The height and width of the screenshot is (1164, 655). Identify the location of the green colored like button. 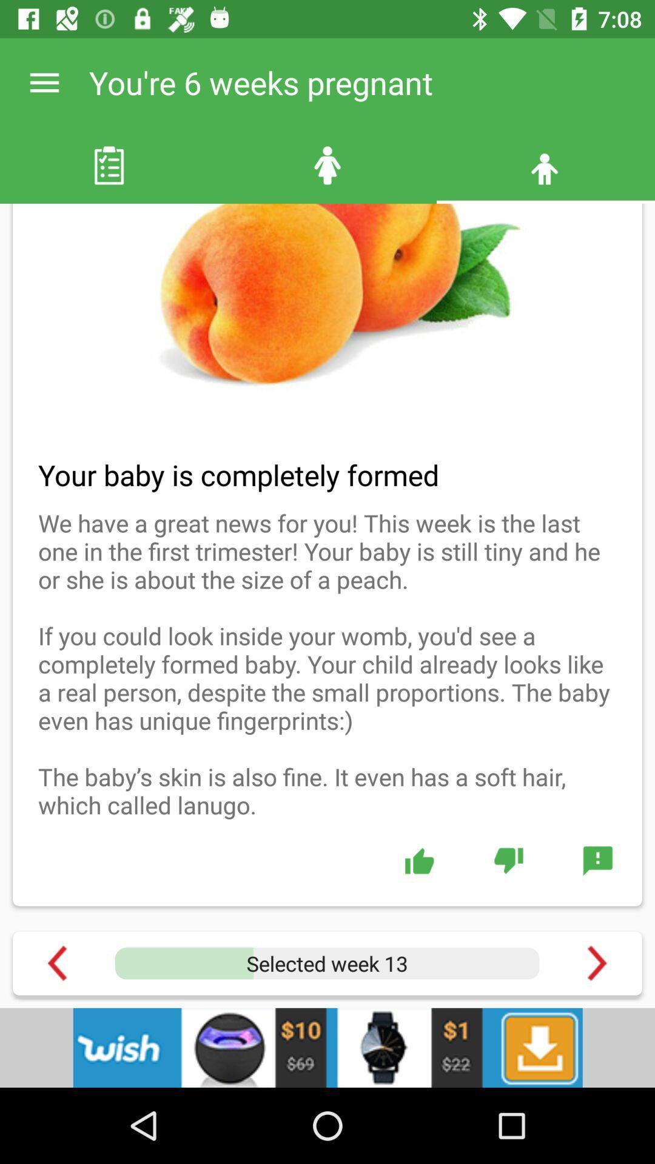
(418, 860).